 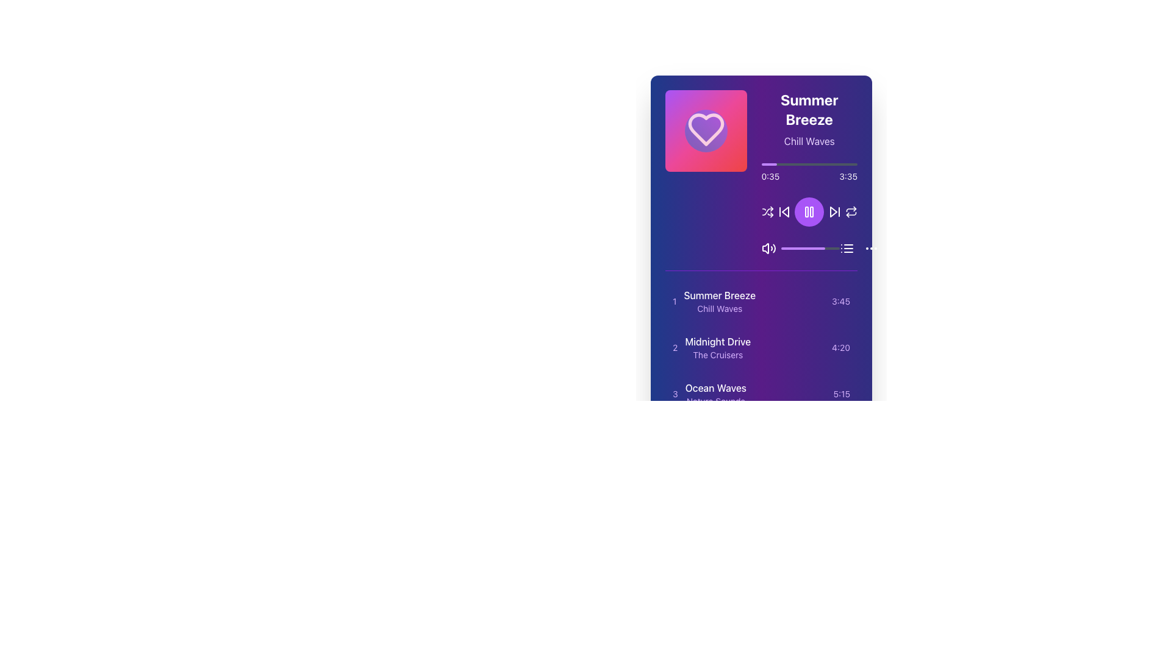 I want to click on the text label providing additional descriptive information about 'Ocean Waves', so click(x=715, y=402).